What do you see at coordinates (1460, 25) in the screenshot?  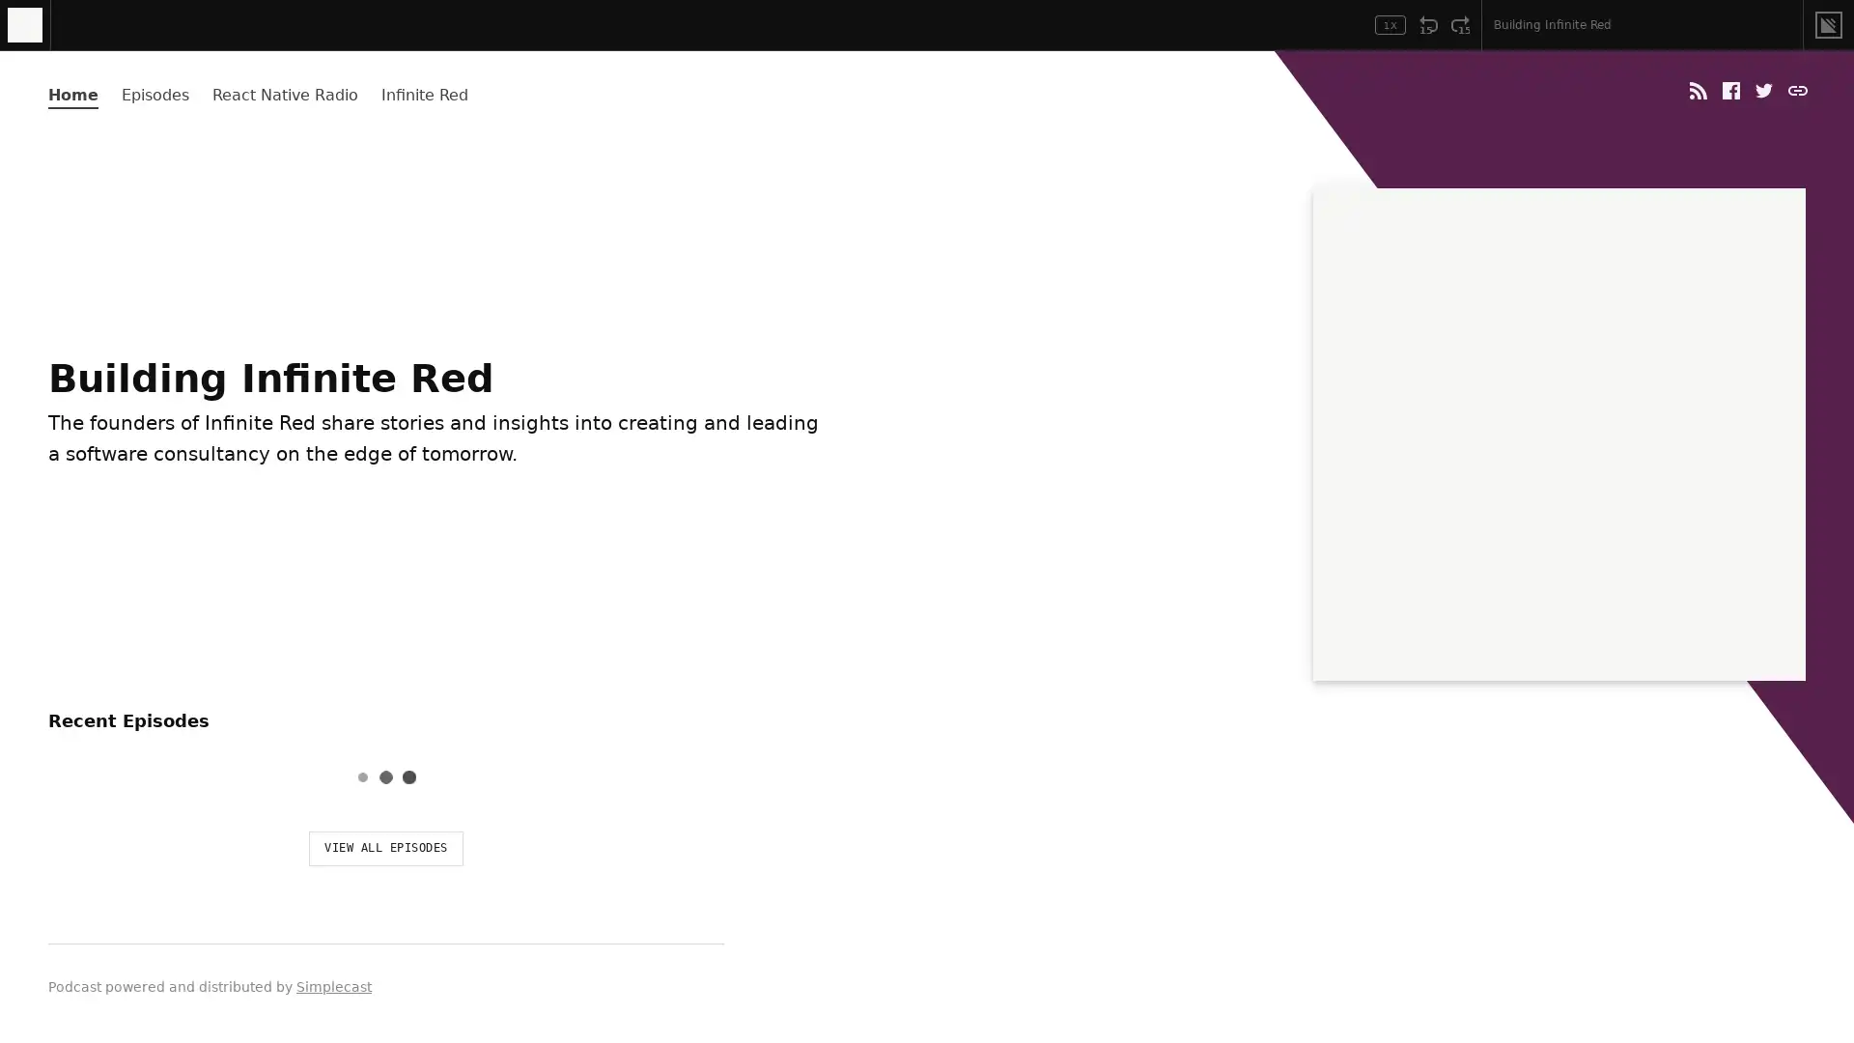 I see `Fast Forward 15 Seconds` at bounding box center [1460, 25].